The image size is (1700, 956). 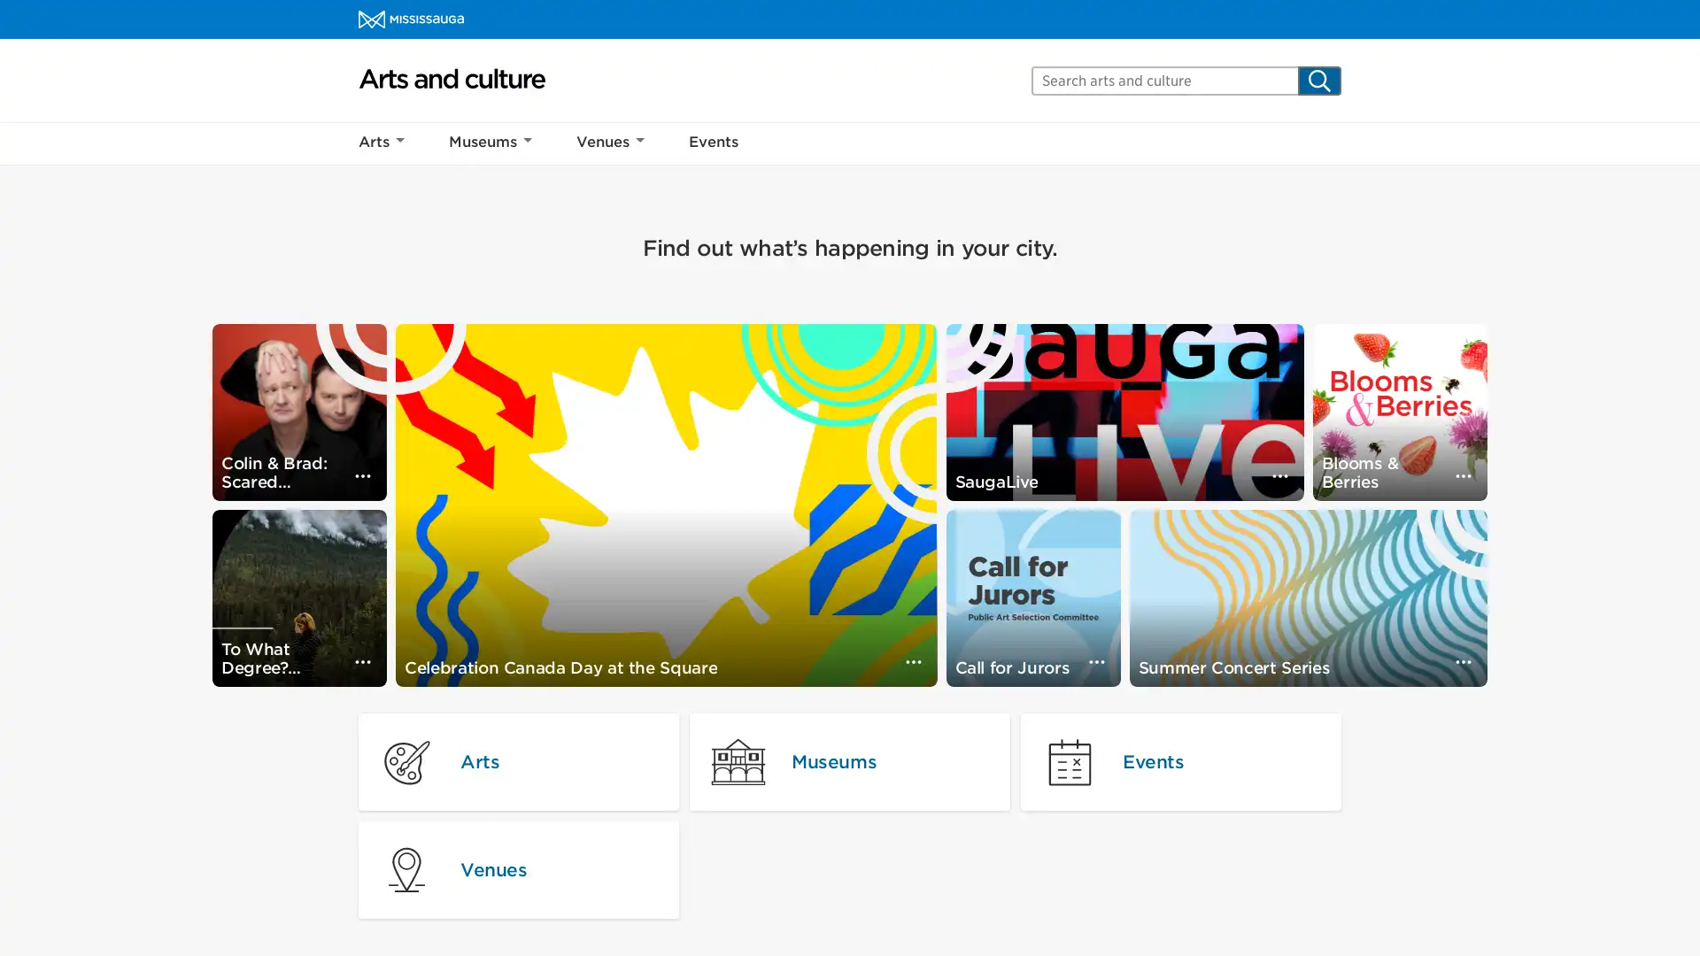 What do you see at coordinates (913, 662) in the screenshot?
I see `Visually show the card details` at bounding box center [913, 662].